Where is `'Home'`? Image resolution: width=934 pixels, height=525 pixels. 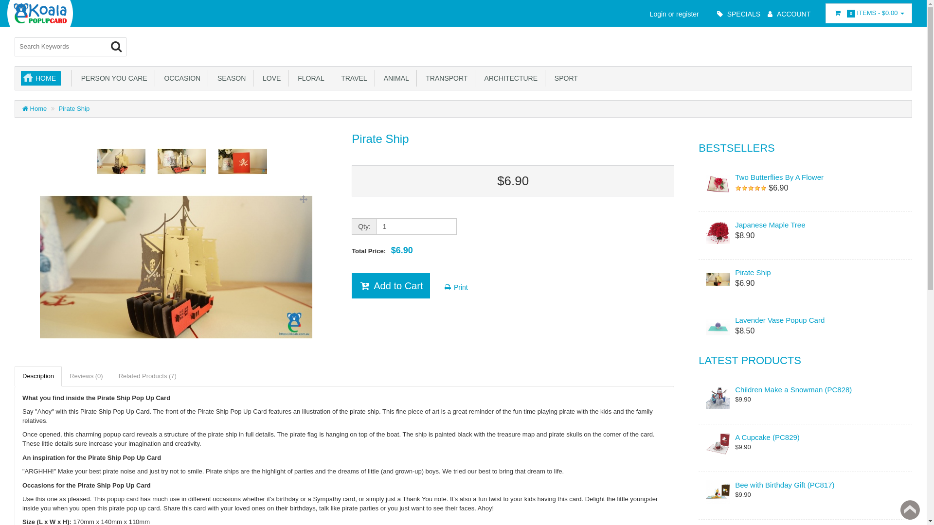 'Home' is located at coordinates (35, 108).